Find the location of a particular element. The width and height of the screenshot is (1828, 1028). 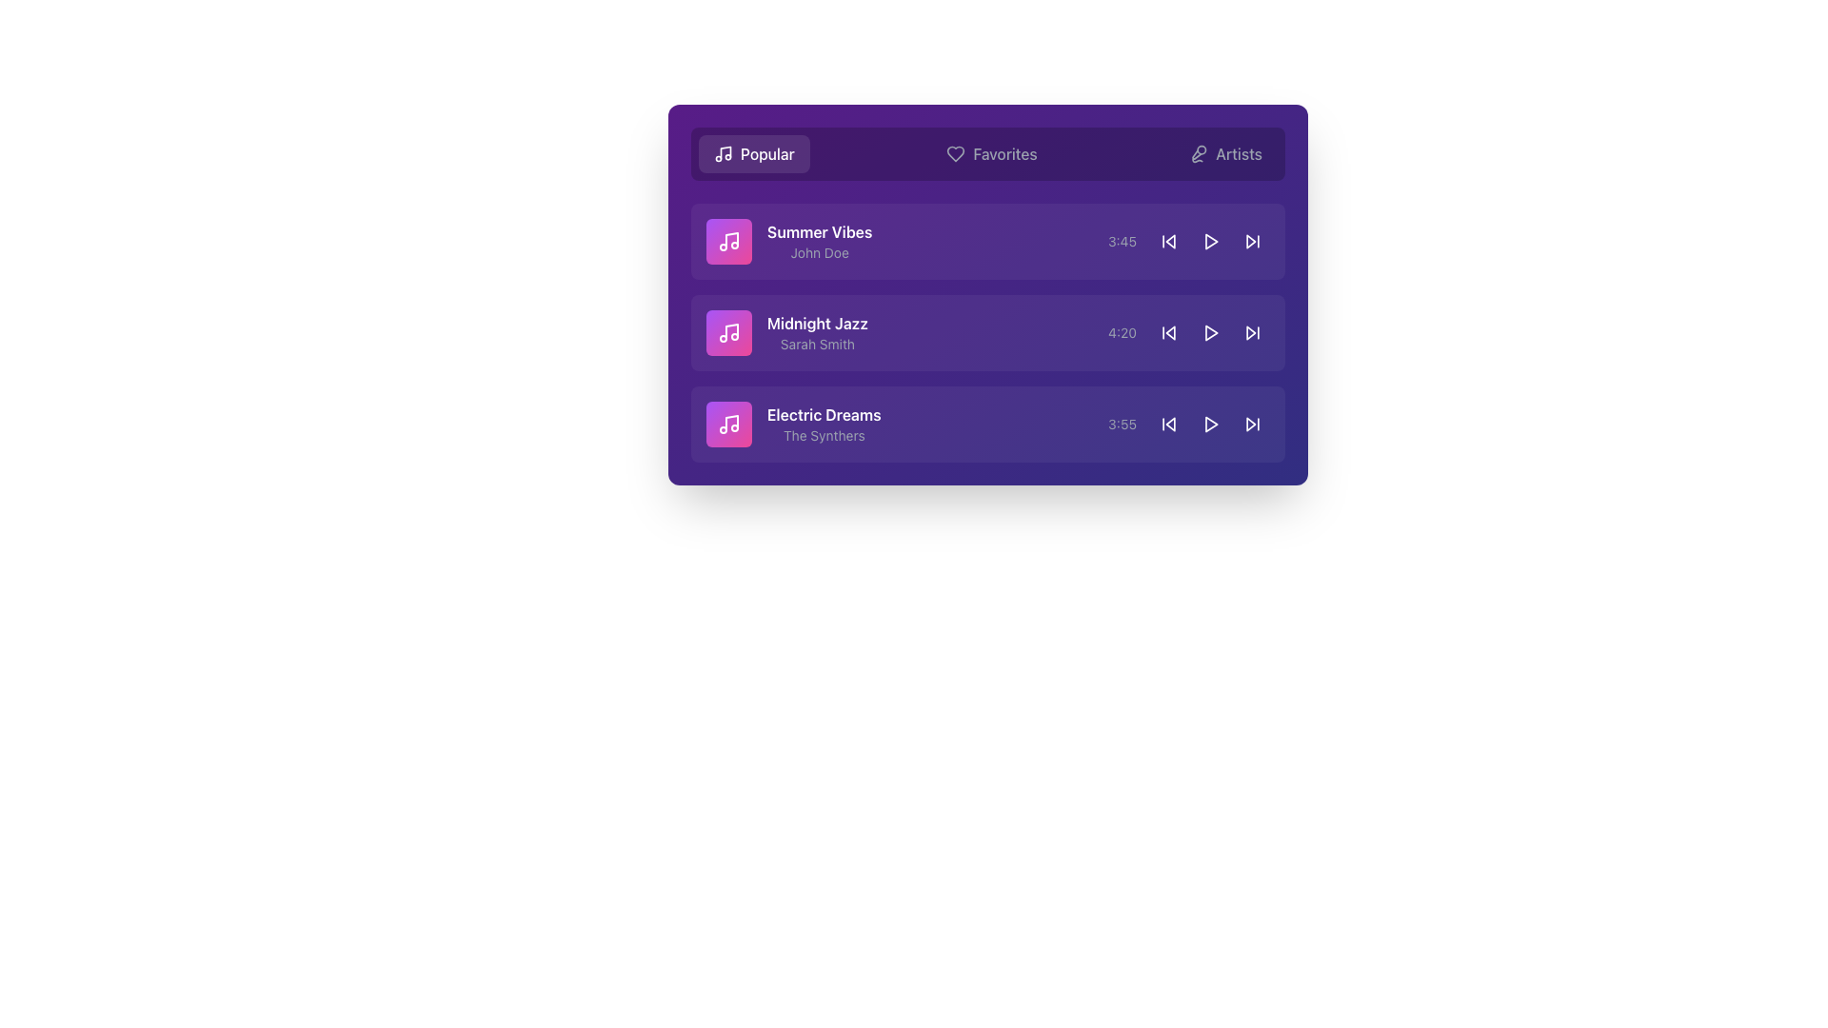

the play button located between the skip-back and skip-forward buttons in the playlist section is located at coordinates (1210, 332).